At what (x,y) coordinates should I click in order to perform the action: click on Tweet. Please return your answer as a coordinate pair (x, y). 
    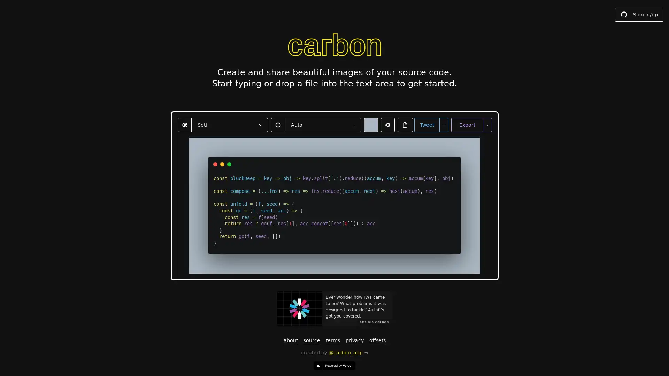
    Looking at the image, I should click on (426, 124).